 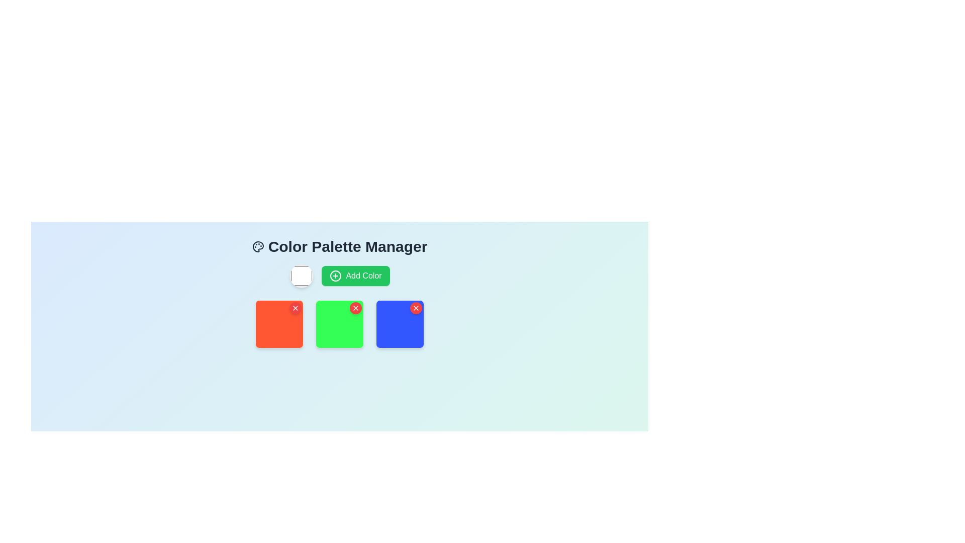 What do you see at coordinates (335, 276) in the screenshot?
I see `the circular icon with a thin outer border and a central cross, located beside the 'Add Color' label in the green button` at bounding box center [335, 276].